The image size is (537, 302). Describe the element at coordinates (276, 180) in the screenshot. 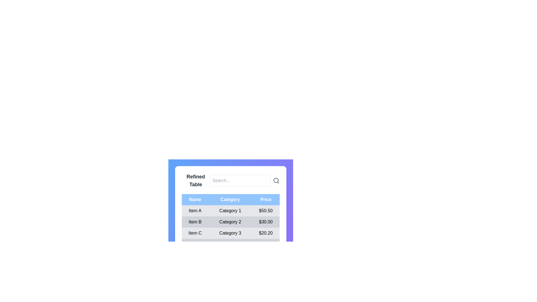

I see `the gray magnifying glass icon located at the far right of the search input field in the header of the refined table section, which indicates search functionality` at that location.